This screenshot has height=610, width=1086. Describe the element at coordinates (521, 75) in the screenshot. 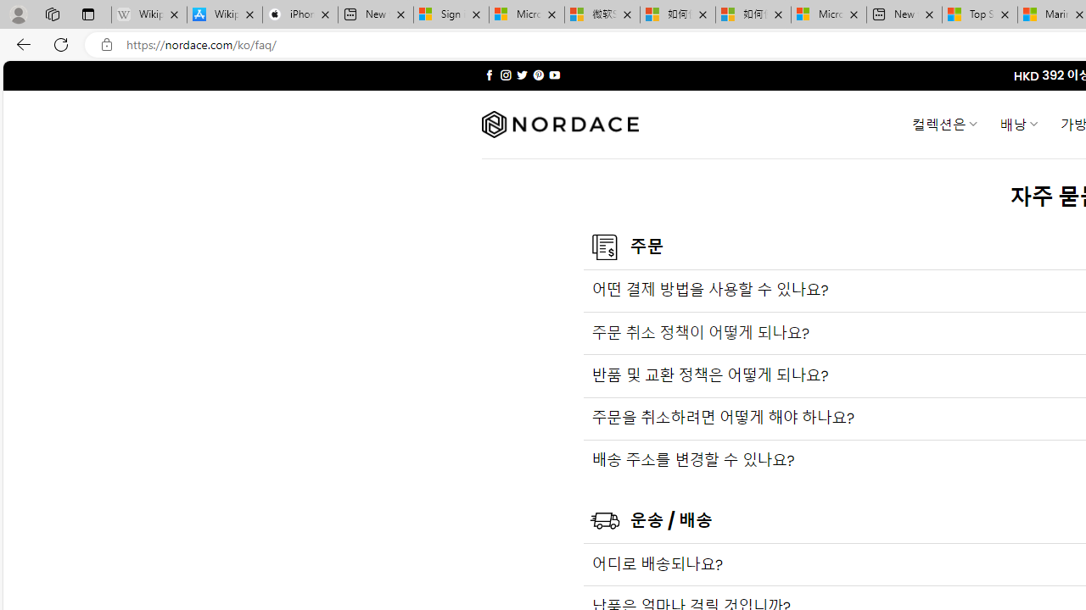

I see `'Follow on Twitter'` at that location.